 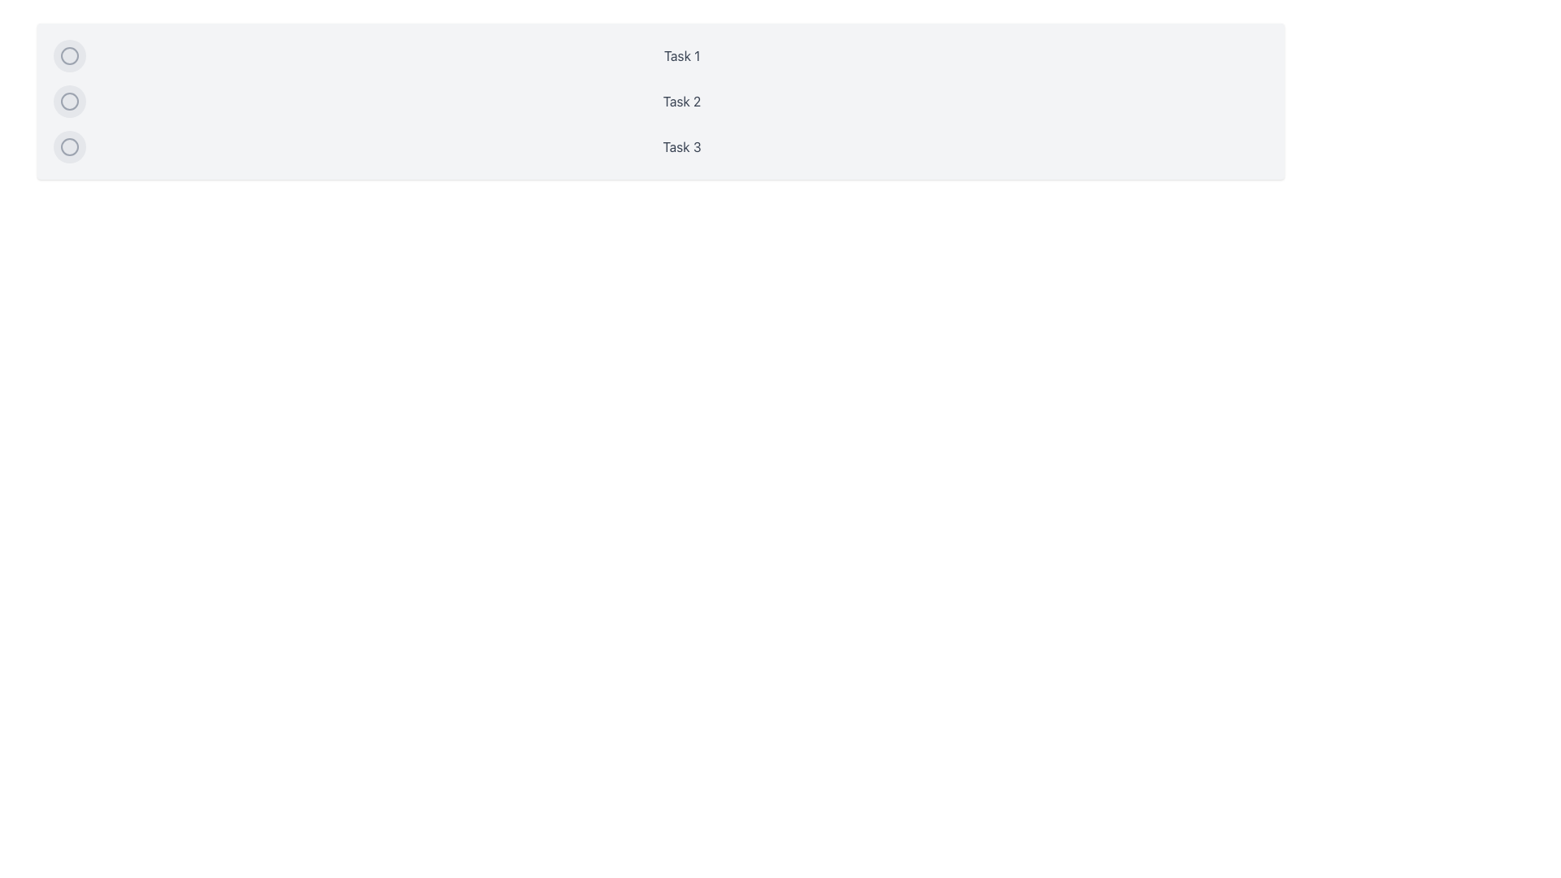 What do you see at coordinates (69, 147) in the screenshot?
I see `the circular button with a light gray background and darker gray border, located to the left of the text 'Task 3', to trigger a visual effect` at bounding box center [69, 147].